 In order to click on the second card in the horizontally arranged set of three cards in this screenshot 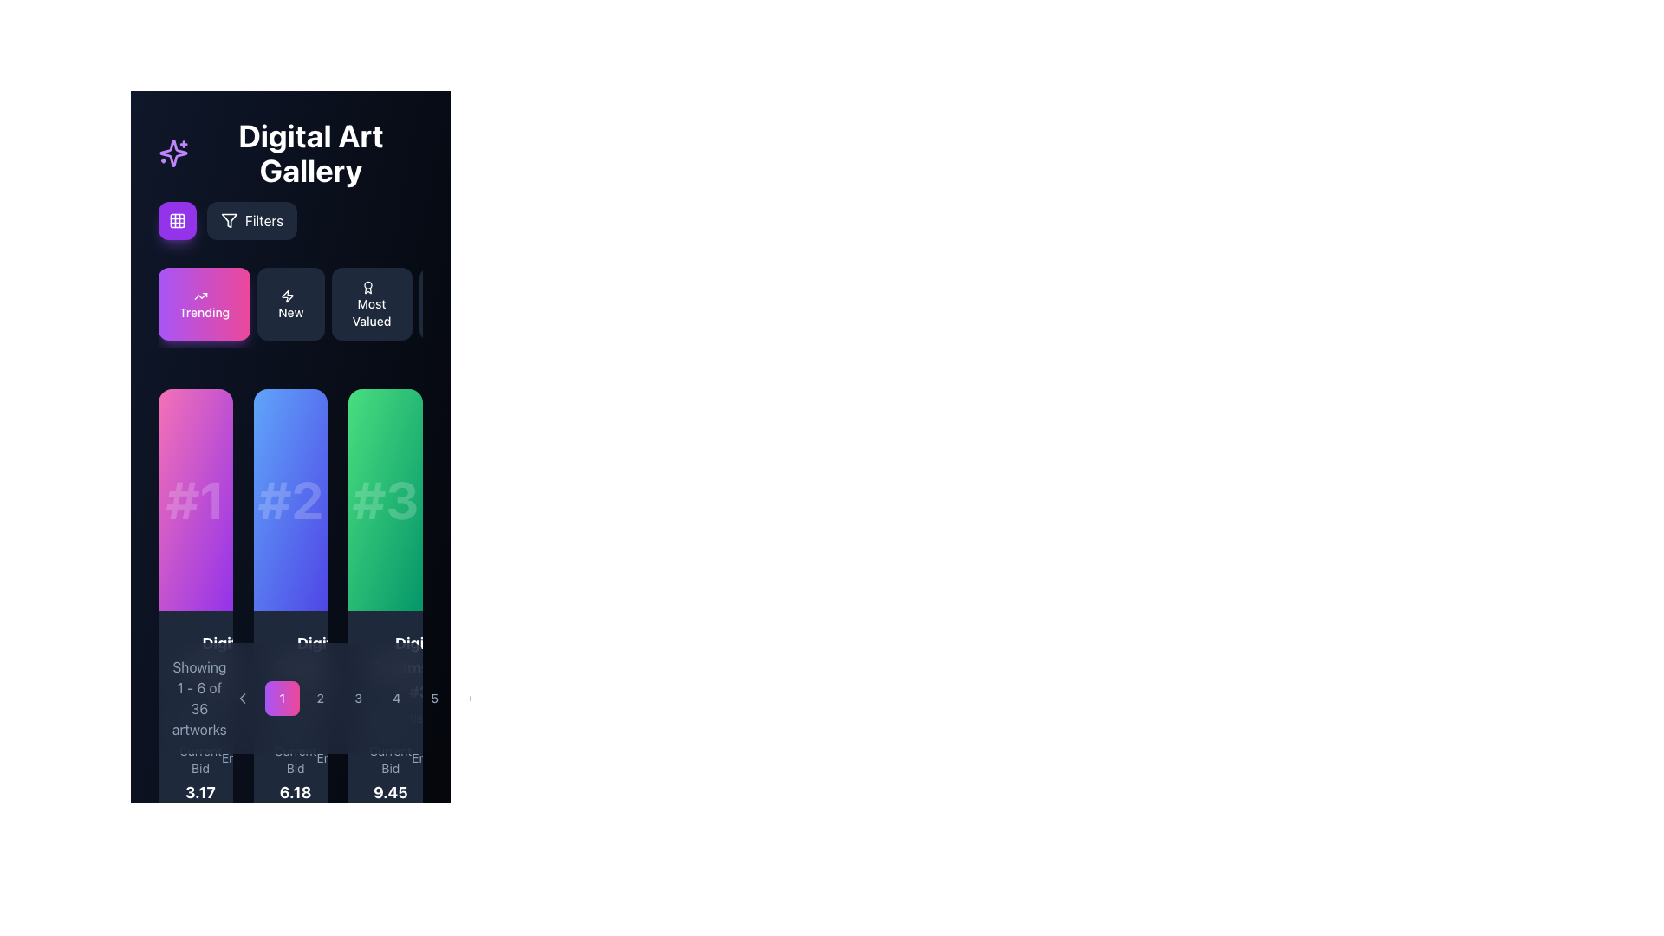, I will do `click(290, 500)`.